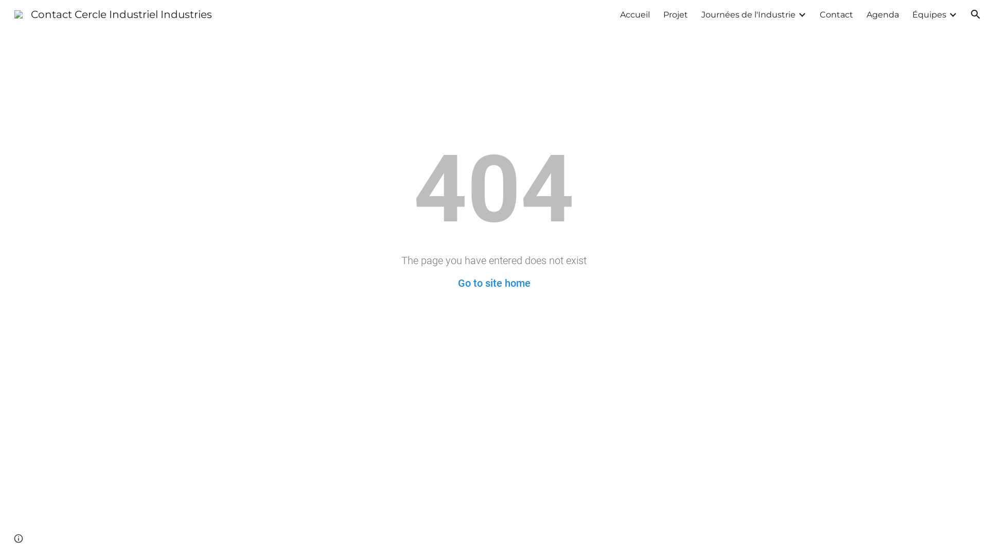 The image size is (988, 556). I want to click on 'Accueil', so click(619, 14).